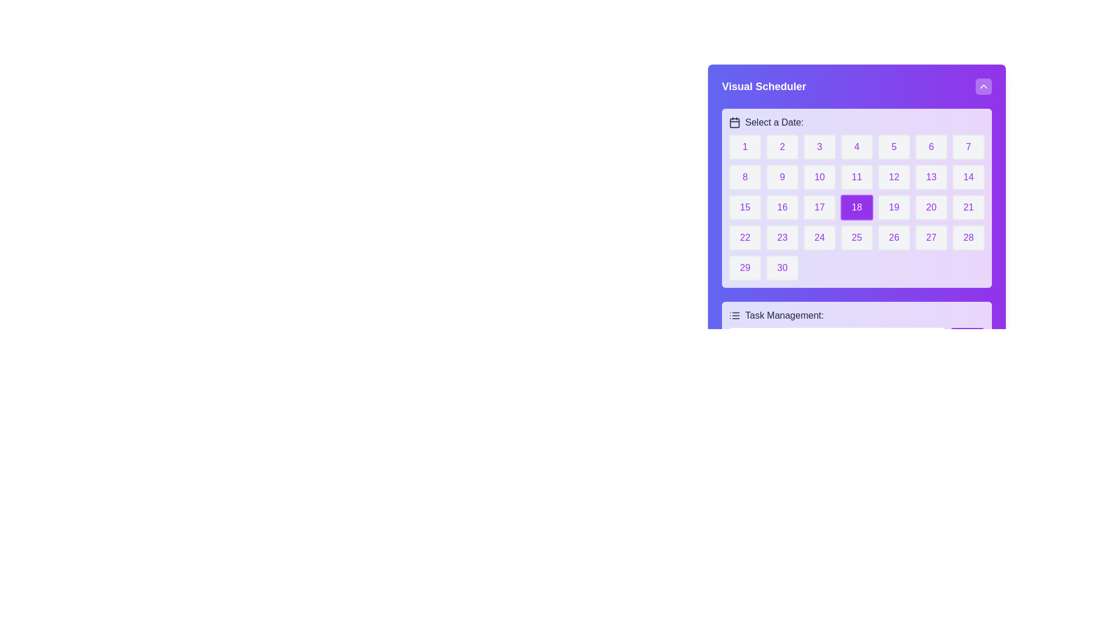 The image size is (1117, 628). I want to click on the button that selects the date '1' in the calendar interface, located at the top-left corner of the grid layout, so click(745, 147).